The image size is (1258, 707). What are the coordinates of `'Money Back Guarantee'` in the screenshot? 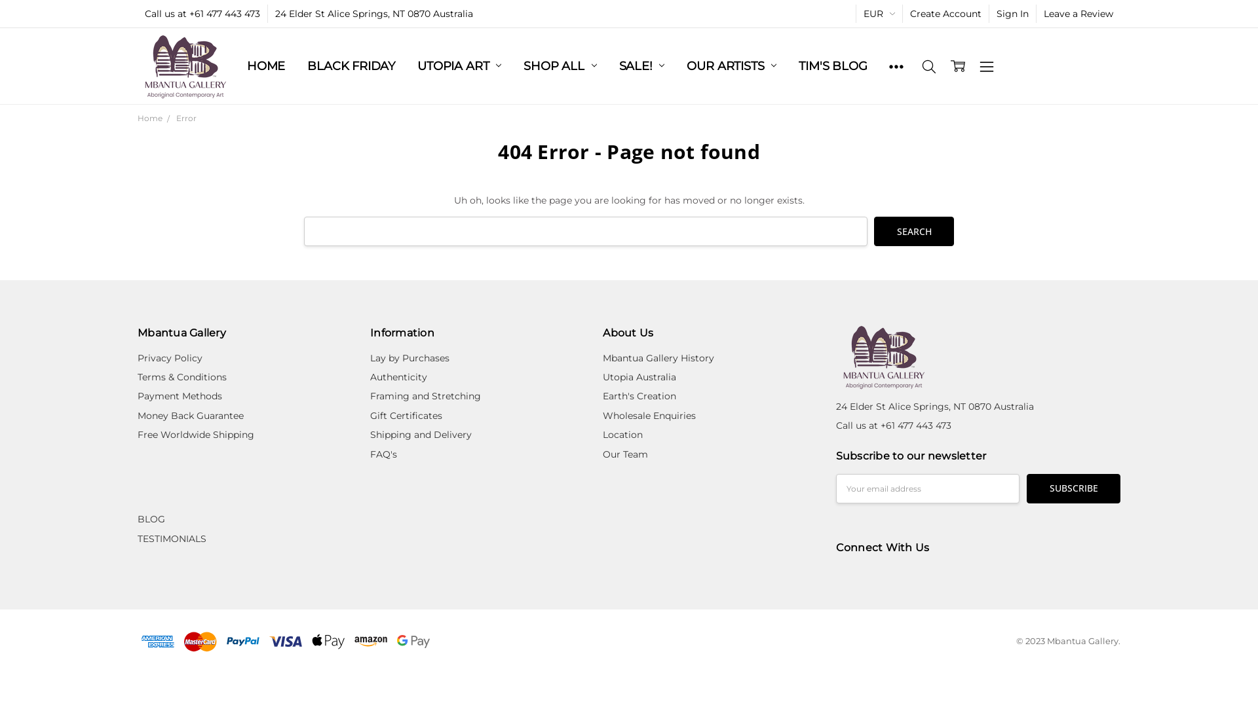 It's located at (190, 416).